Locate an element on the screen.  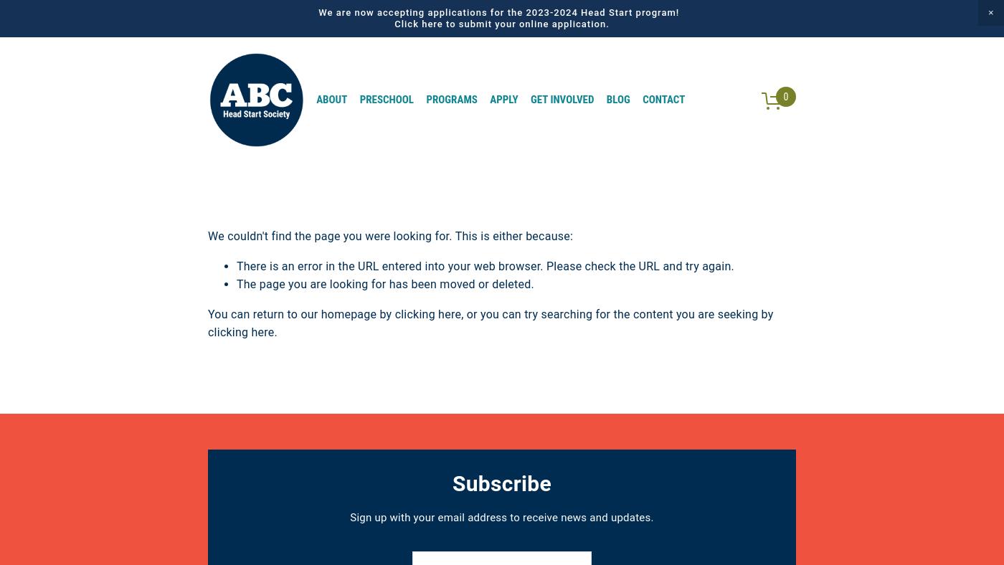
'Get Involved' is located at coordinates (529, 98).